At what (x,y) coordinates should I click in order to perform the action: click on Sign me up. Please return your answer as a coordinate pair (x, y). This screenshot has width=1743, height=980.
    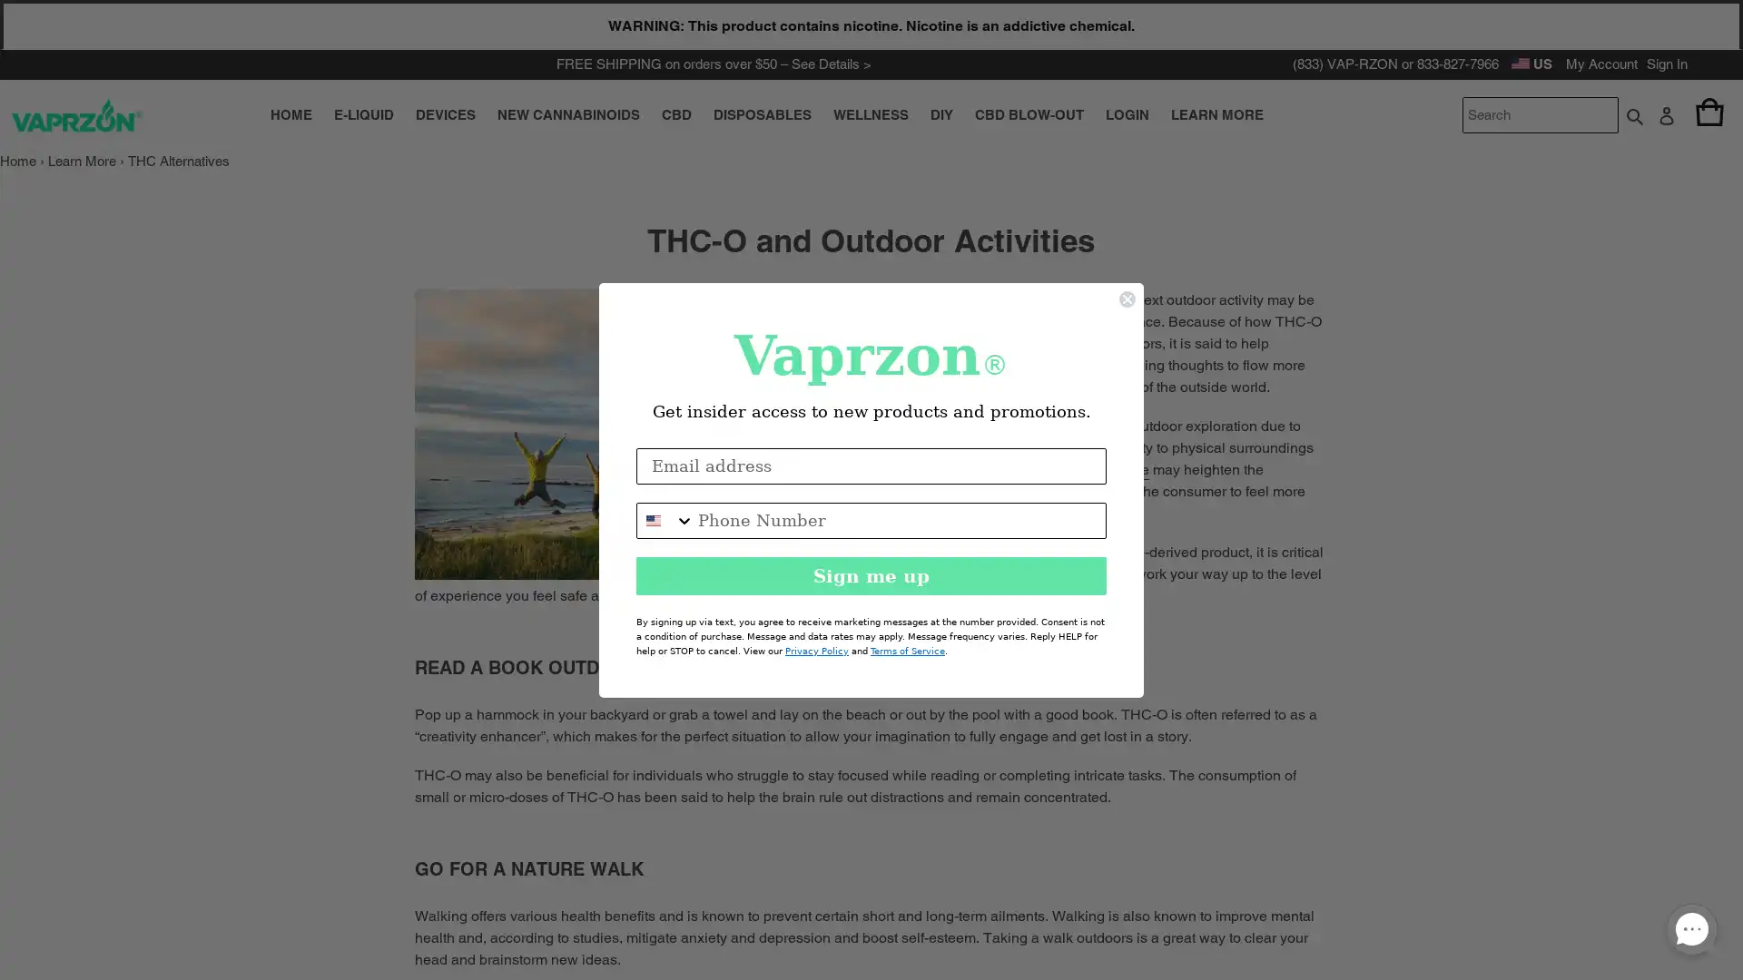
    Looking at the image, I should click on (871, 574).